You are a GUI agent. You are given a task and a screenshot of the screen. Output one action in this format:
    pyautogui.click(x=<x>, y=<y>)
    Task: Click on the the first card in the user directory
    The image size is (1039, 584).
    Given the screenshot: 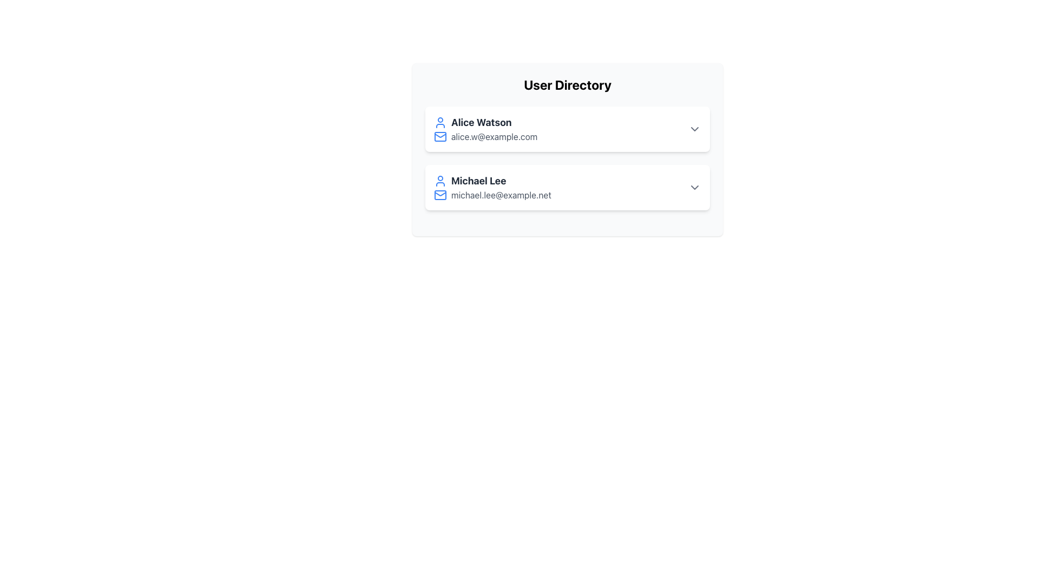 What is the action you would take?
    pyautogui.click(x=567, y=129)
    